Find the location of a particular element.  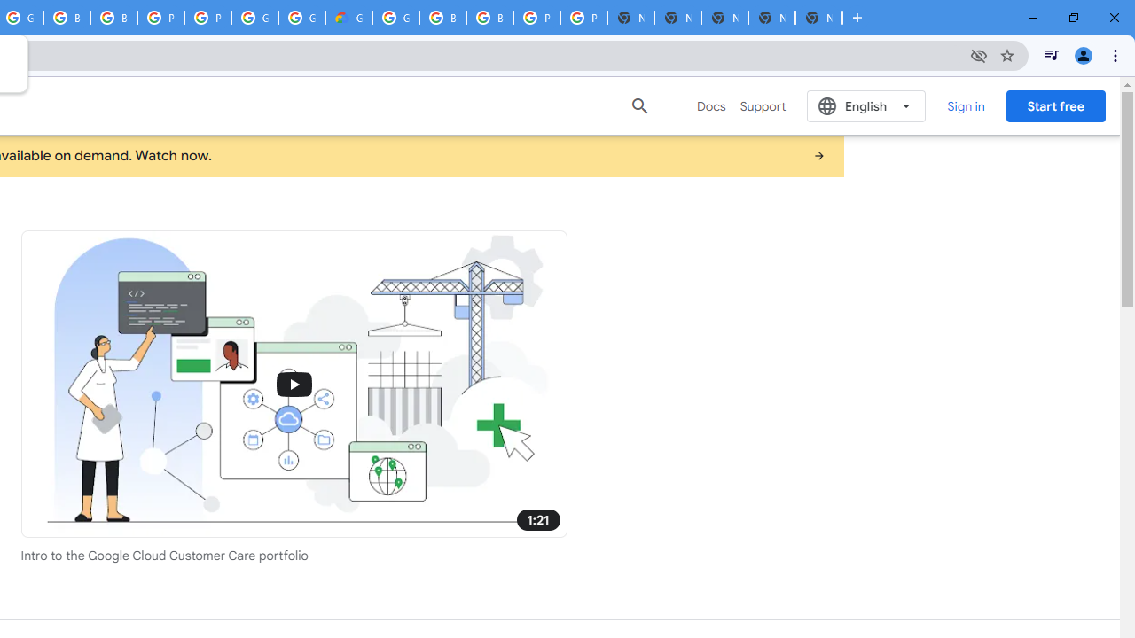

'Support' is located at coordinates (763, 105).